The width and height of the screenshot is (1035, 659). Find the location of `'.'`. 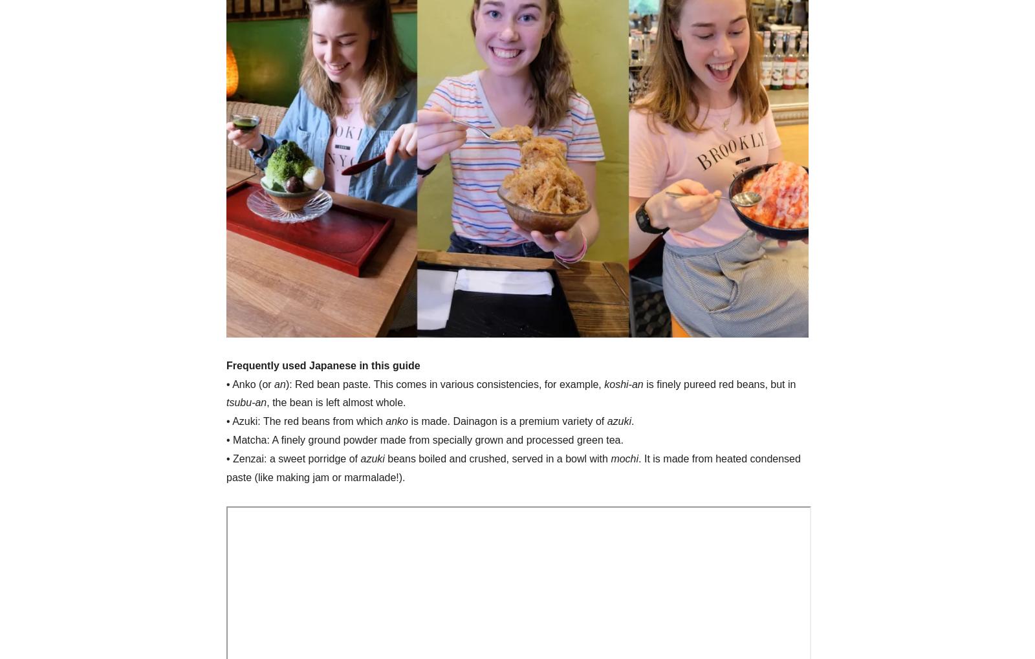

'.' is located at coordinates (632, 420).